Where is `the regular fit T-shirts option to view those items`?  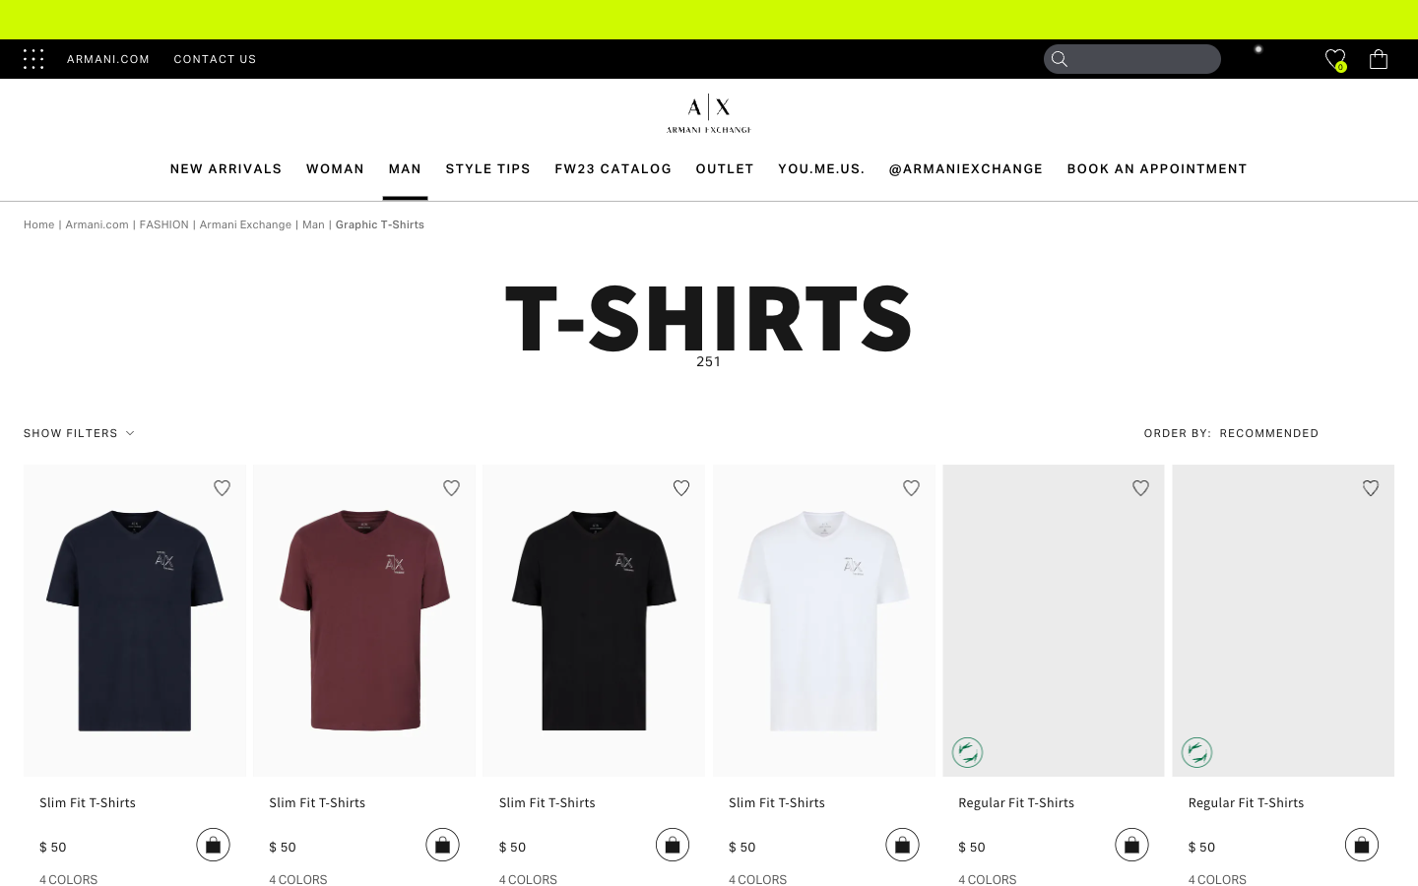
the regular fit T-shirts option to view those items is located at coordinates (1054, 809).